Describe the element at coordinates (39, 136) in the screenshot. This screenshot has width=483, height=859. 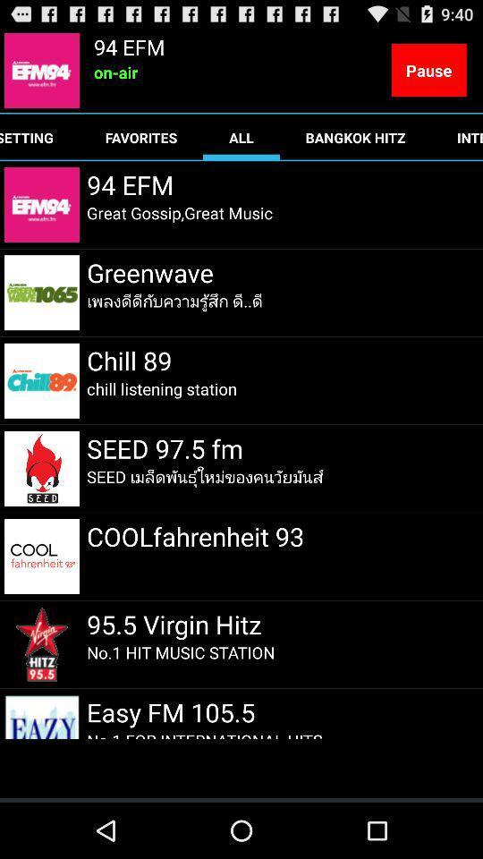
I see `icon to the left of the favorites` at that location.